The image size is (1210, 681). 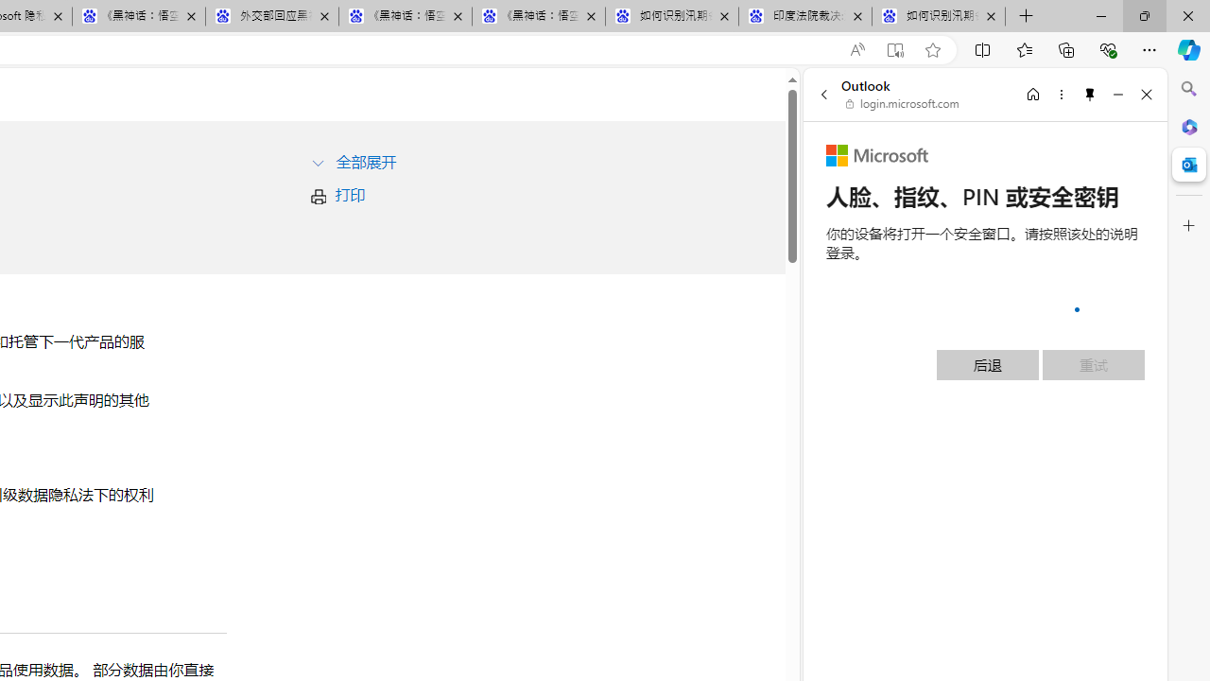 I want to click on 'login.microsoft.com', so click(x=902, y=104).